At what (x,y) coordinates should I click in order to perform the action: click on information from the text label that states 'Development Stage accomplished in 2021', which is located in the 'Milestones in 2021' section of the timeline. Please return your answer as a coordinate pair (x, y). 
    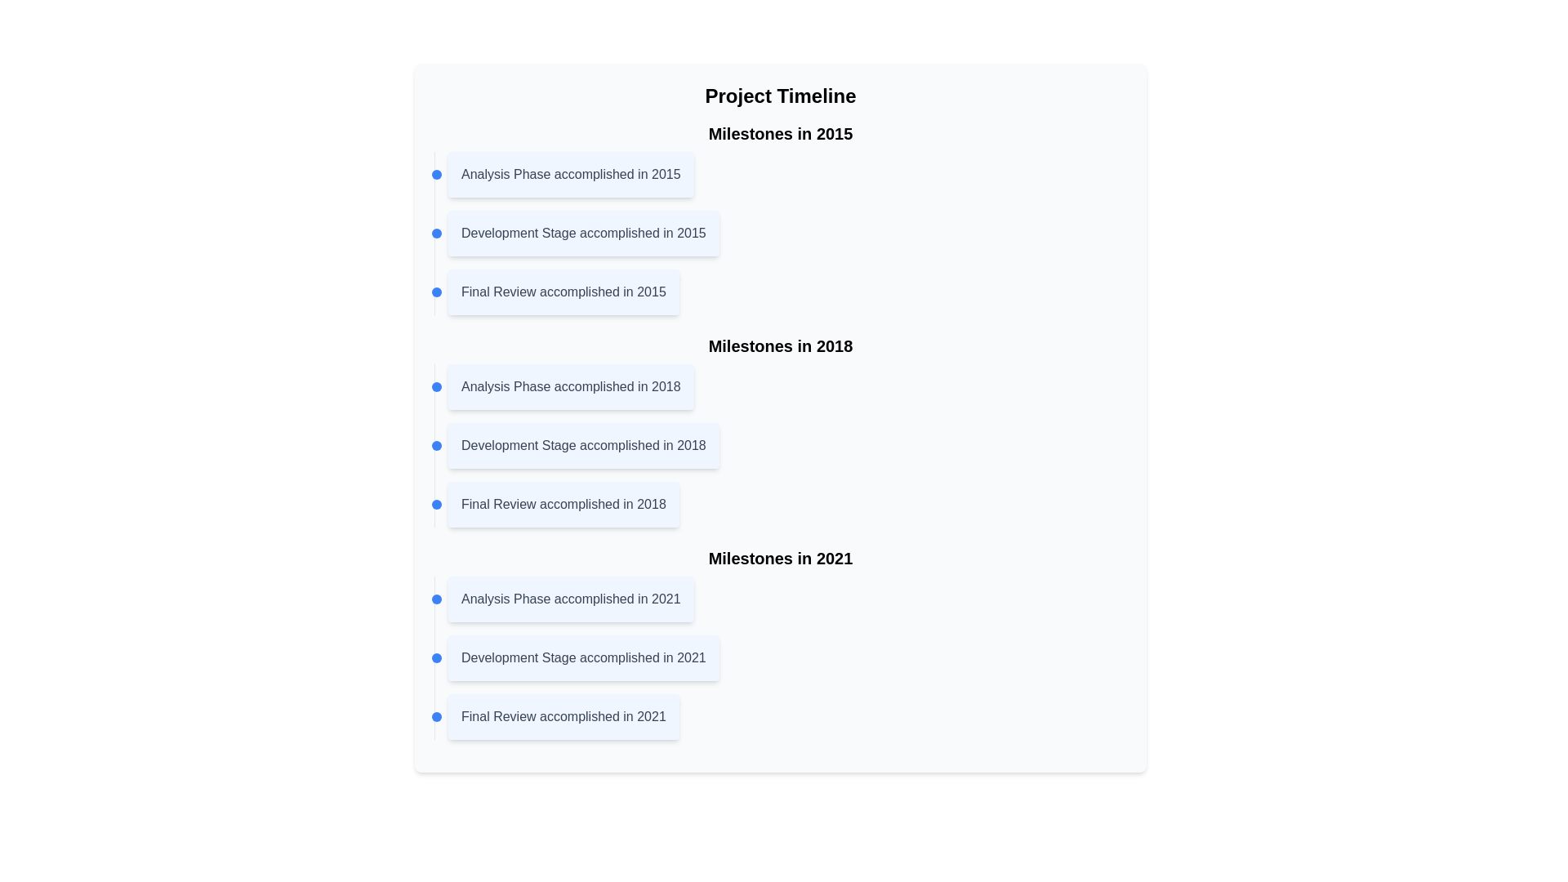
    Looking at the image, I should click on (583, 657).